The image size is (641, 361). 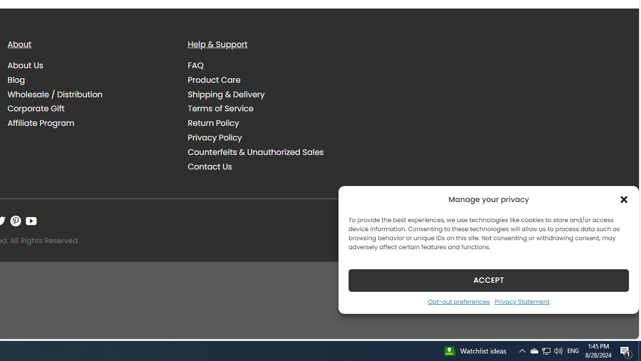 What do you see at coordinates (521, 301) in the screenshot?
I see `'Privacy Statement'` at bounding box center [521, 301].